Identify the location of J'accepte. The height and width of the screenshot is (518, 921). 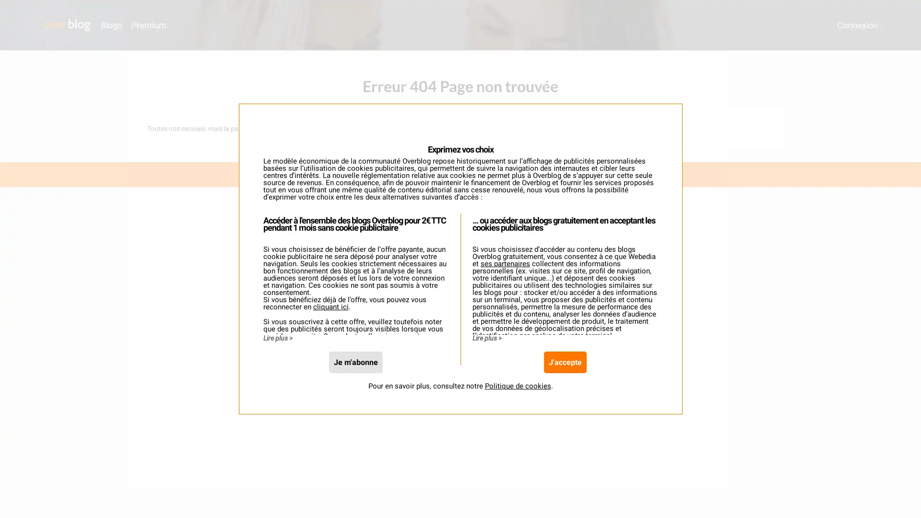
(565, 374).